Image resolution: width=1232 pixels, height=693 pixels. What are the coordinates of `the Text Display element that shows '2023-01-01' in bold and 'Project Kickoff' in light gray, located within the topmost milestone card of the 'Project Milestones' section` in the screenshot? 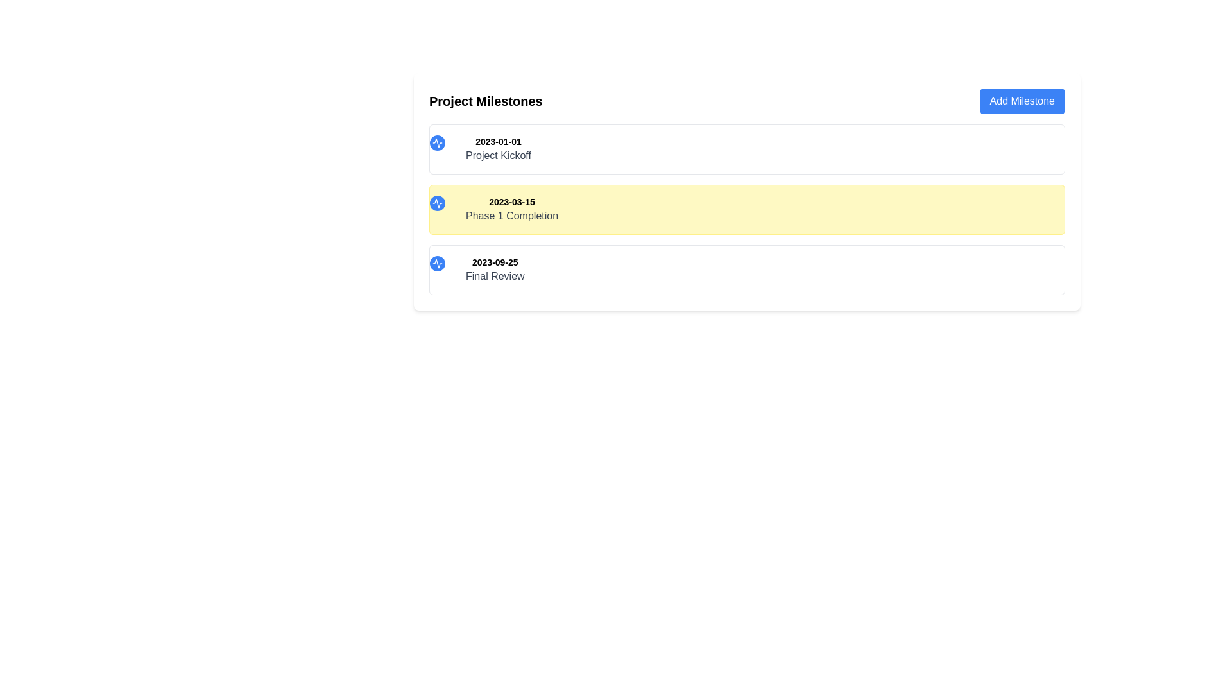 It's located at (498, 148).